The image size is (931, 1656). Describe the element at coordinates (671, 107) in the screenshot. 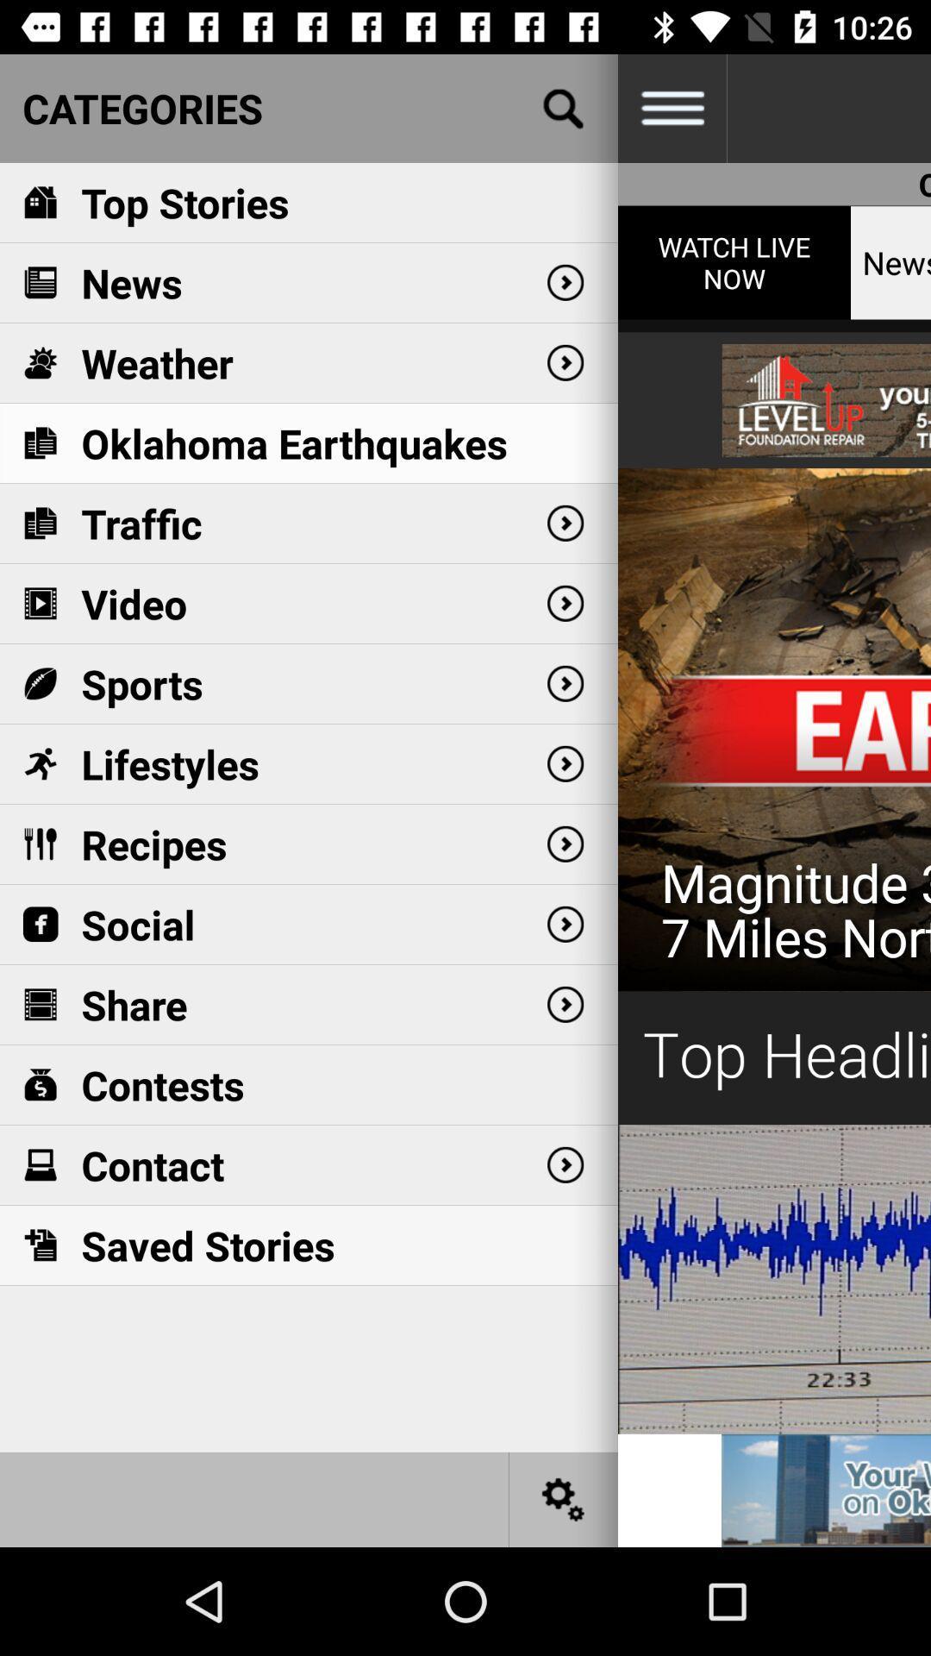

I see `the menu icon` at that location.